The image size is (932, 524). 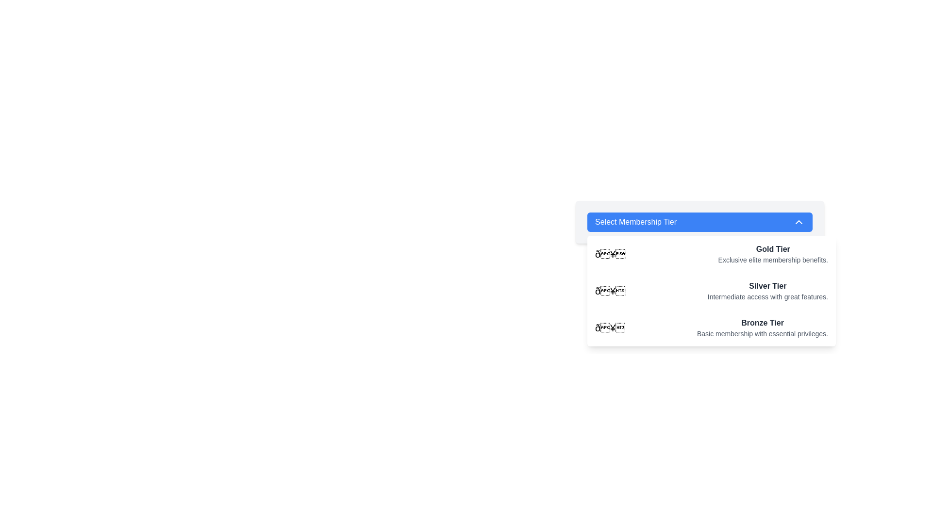 What do you see at coordinates (610, 291) in the screenshot?
I see `the graphical icon located at the leftmost side of the 'Silver Tier' section, which precedes the descriptive text content of the tier` at bounding box center [610, 291].